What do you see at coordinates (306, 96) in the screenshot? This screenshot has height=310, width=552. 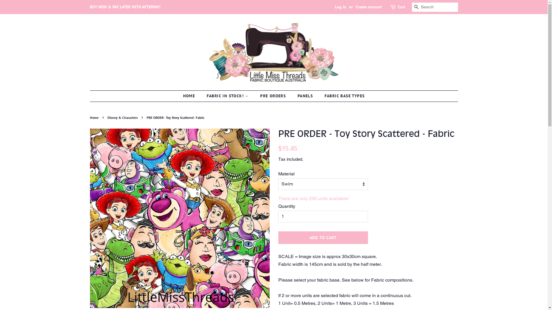 I see `'PANELS'` at bounding box center [306, 96].